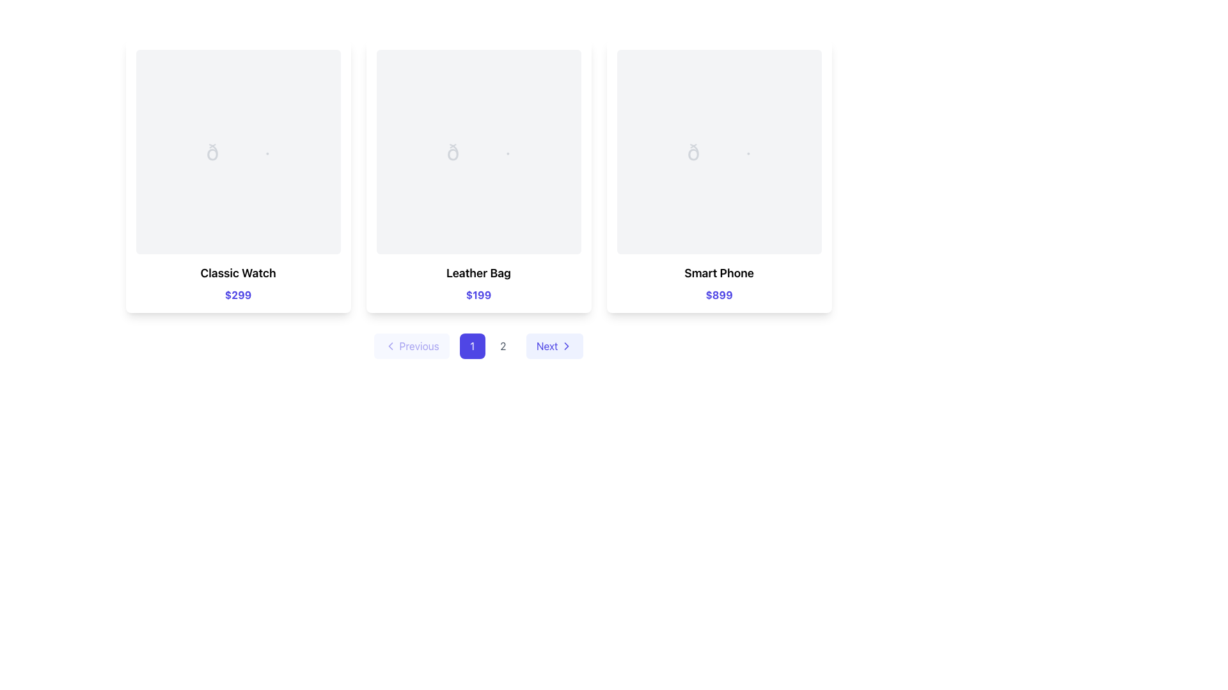  What do you see at coordinates (238, 295) in the screenshot?
I see `price text element that displays the price of the 'Classic Watch', located below the product name within the first card of a grid/list` at bounding box center [238, 295].